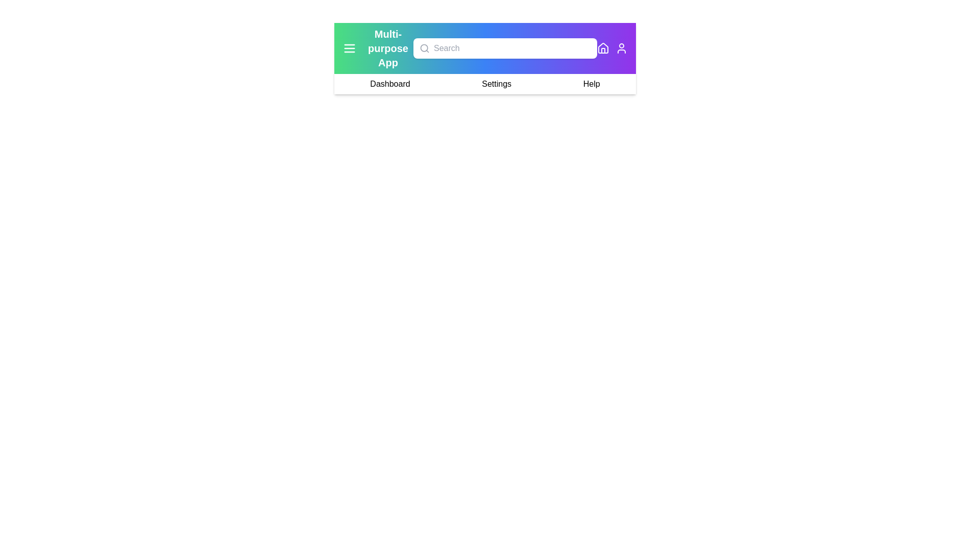  I want to click on the 'Settings' option in the navigation bar, so click(497, 84).